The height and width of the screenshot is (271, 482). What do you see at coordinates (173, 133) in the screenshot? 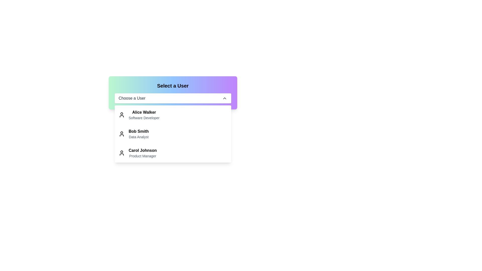
I see `the dropdown list item representing 'Bob Smith', which is the second item in the list` at bounding box center [173, 133].